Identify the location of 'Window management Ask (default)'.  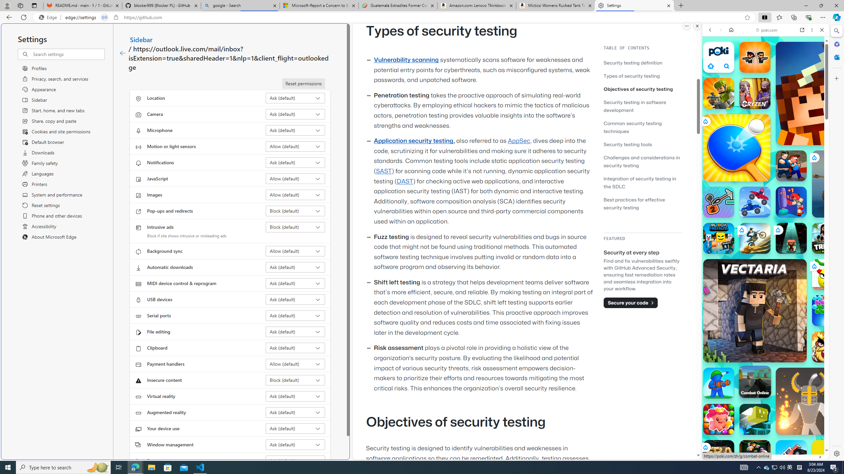
(295, 444).